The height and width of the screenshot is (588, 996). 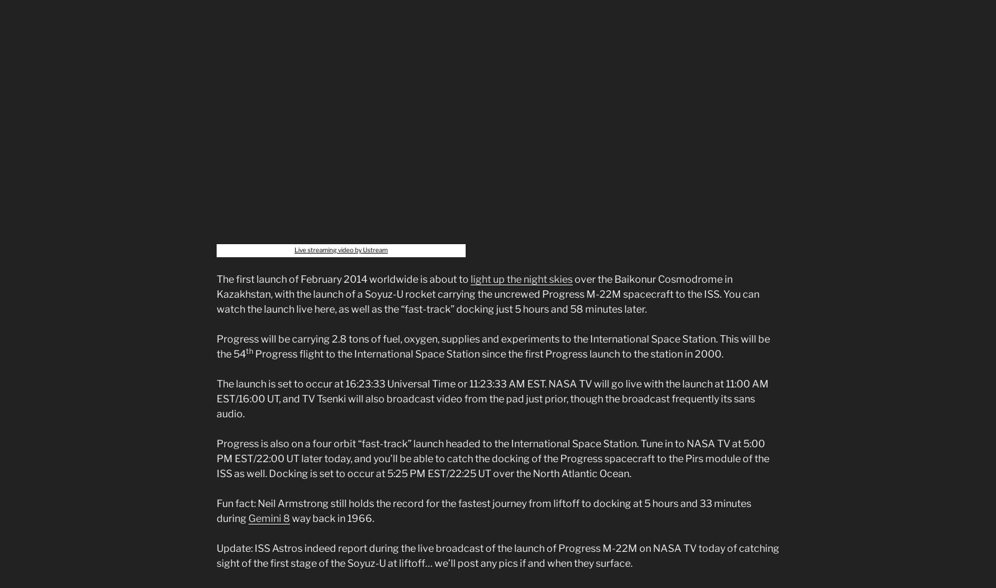 I want to click on 'Progress is also on a four orbit “fast-track” launch headed to the International Space Station. Tune in to NASA TV at 5:00 PM EST/22:00 UT later today, and you’ll be able to catch the docking of the Progress spacecraft to the Pirs module of the ISS as well. Docking is set to occur at 5:25 PM EST/22:25 UT over the North Atlantic Ocean.', so click(x=493, y=458).